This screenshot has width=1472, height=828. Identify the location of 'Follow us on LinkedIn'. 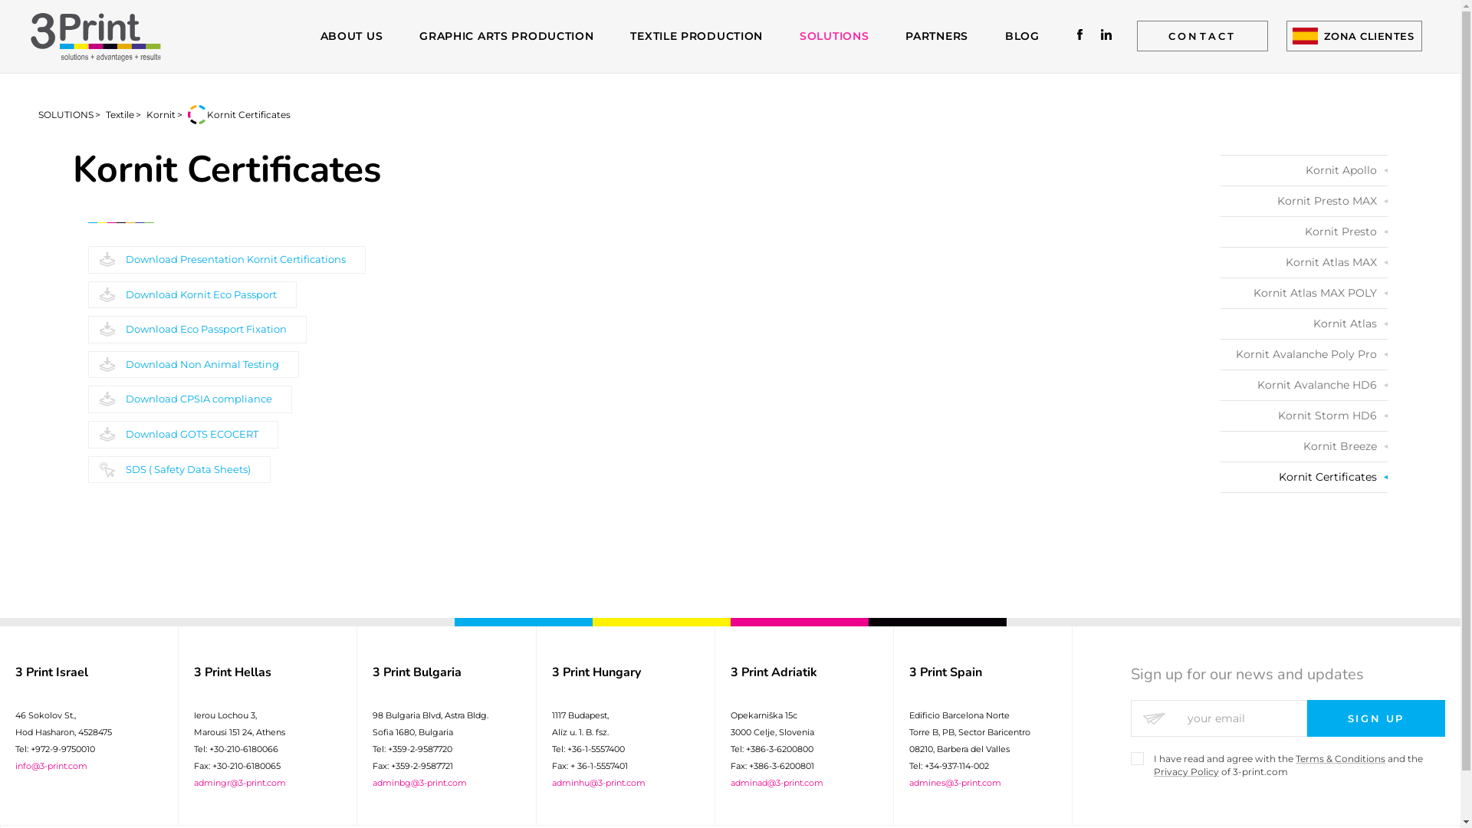
(1106, 34).